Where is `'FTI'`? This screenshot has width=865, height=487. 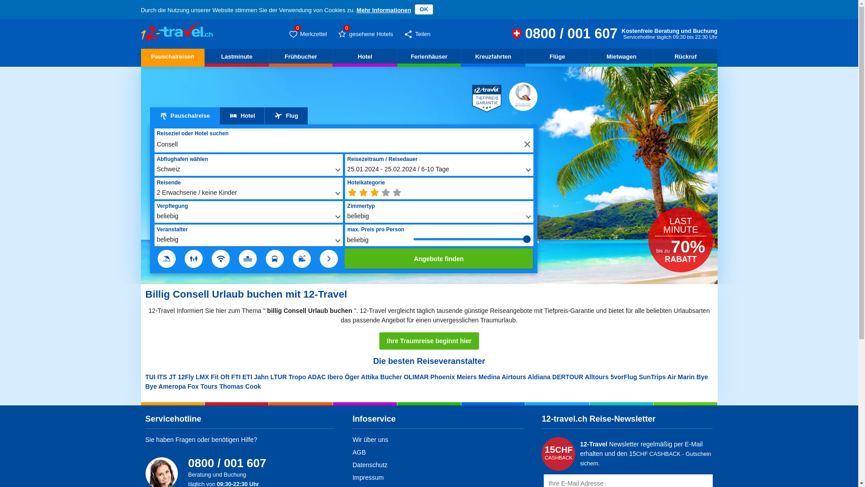 'FTI' is located at coordinates (236, 377).